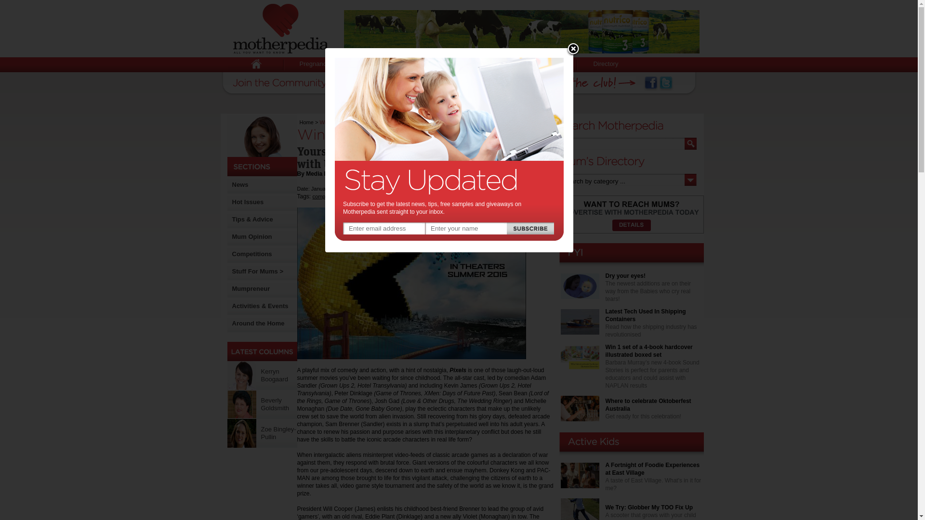 The height and width of the screenshot is (520, 925). Describe the element at coordinates (251, 288) in the screenshot. I see `'Mumpreneur'` at that location.